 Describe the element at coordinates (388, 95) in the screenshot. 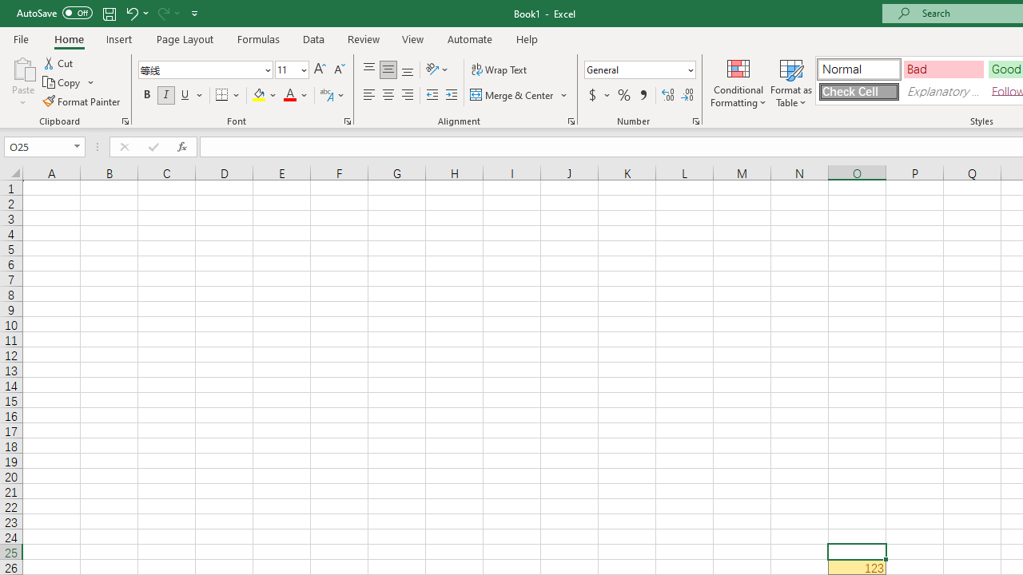

I see `'Center'` at that location.